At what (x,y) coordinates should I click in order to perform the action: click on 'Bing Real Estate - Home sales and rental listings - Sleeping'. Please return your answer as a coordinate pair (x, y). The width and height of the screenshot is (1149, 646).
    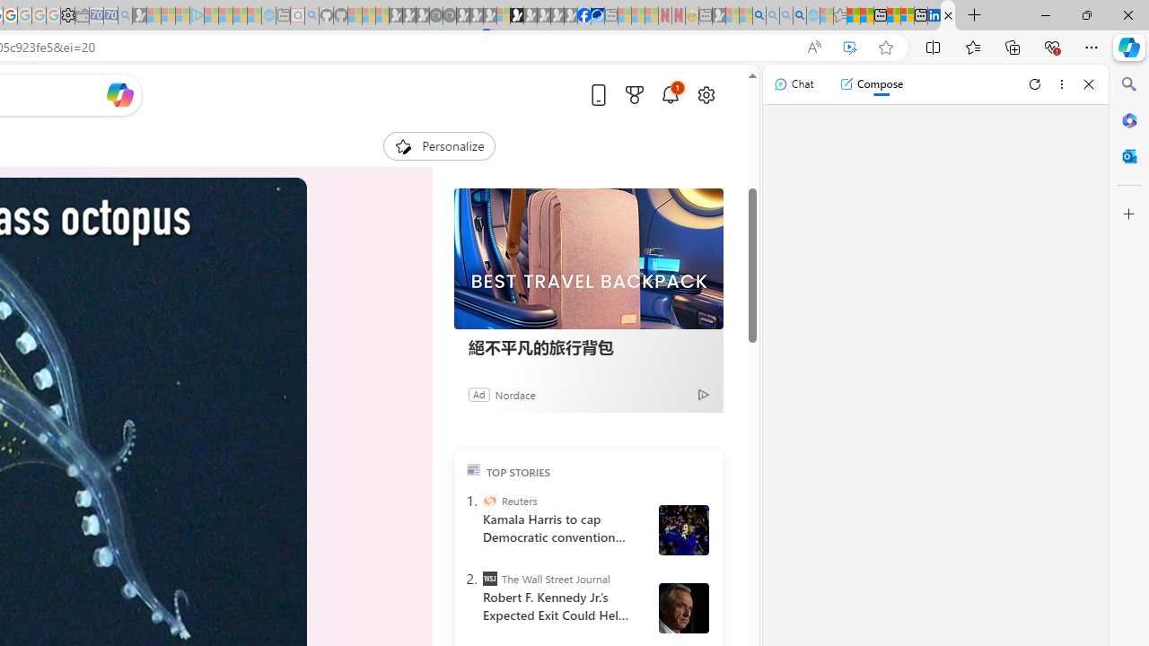
    Looking at the image, I should click on (124, 15).